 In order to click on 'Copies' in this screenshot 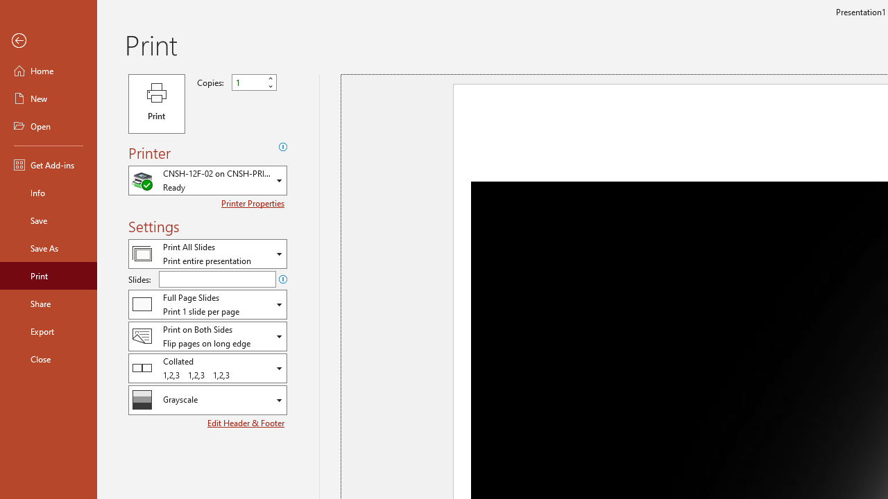, I will do `click(248, 82)`.